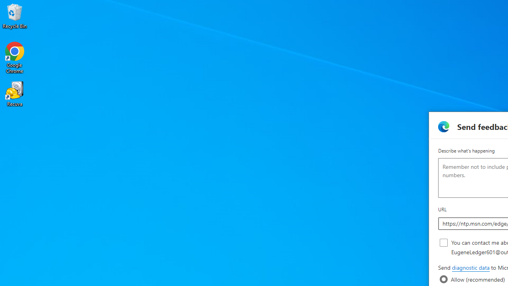  What do you see at coordinates (470, 268) in the screenshot?
I see `'diagnostic data'` at bounding box center [470, 268].